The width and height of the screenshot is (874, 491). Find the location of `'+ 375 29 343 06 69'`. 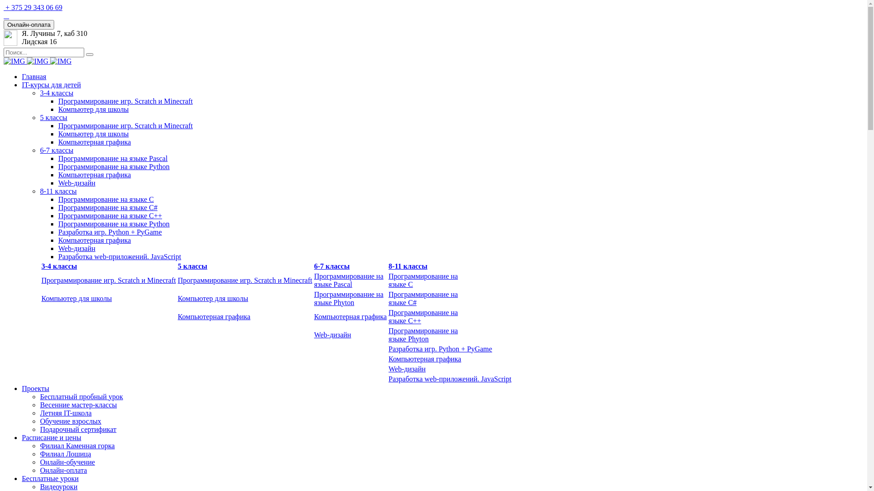

'+ 375 29 343 06 69' is located at coordinates (33, 7).